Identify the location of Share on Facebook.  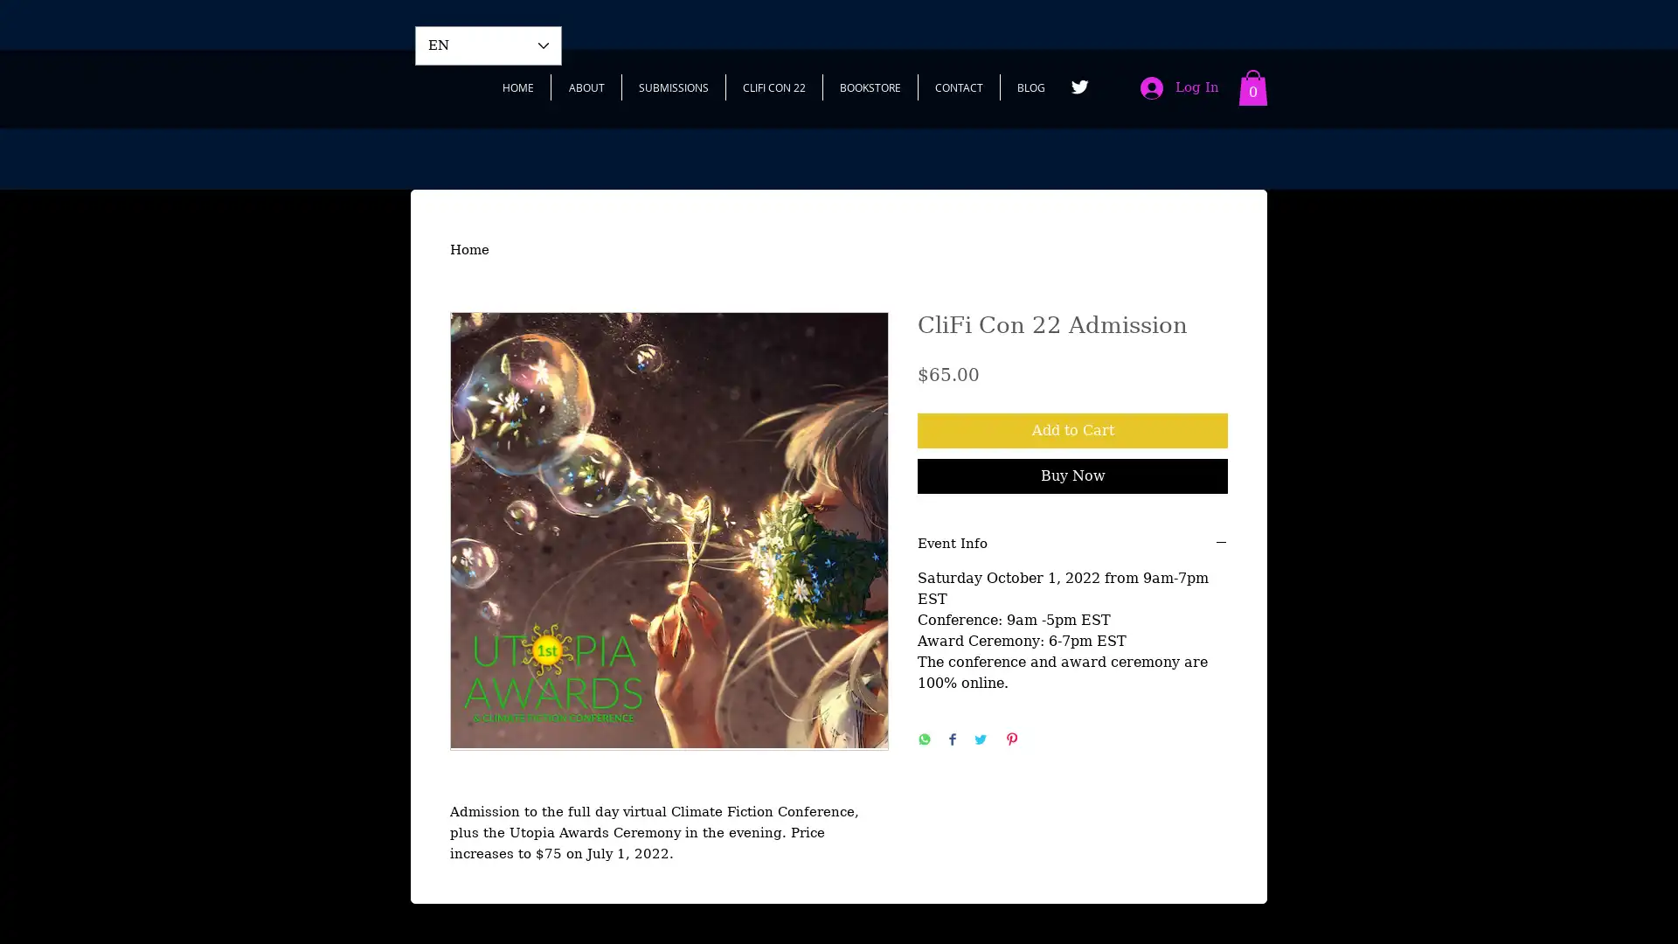
(951, 740).